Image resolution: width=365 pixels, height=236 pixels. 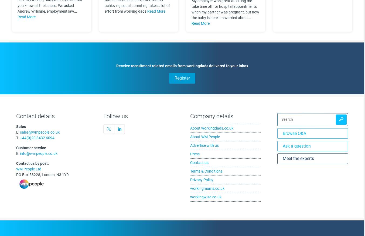 What do you see at coordinates (206, 171) in the screenshot?
I see `'Terms & Conditions'` at bounding box center [206, 171].